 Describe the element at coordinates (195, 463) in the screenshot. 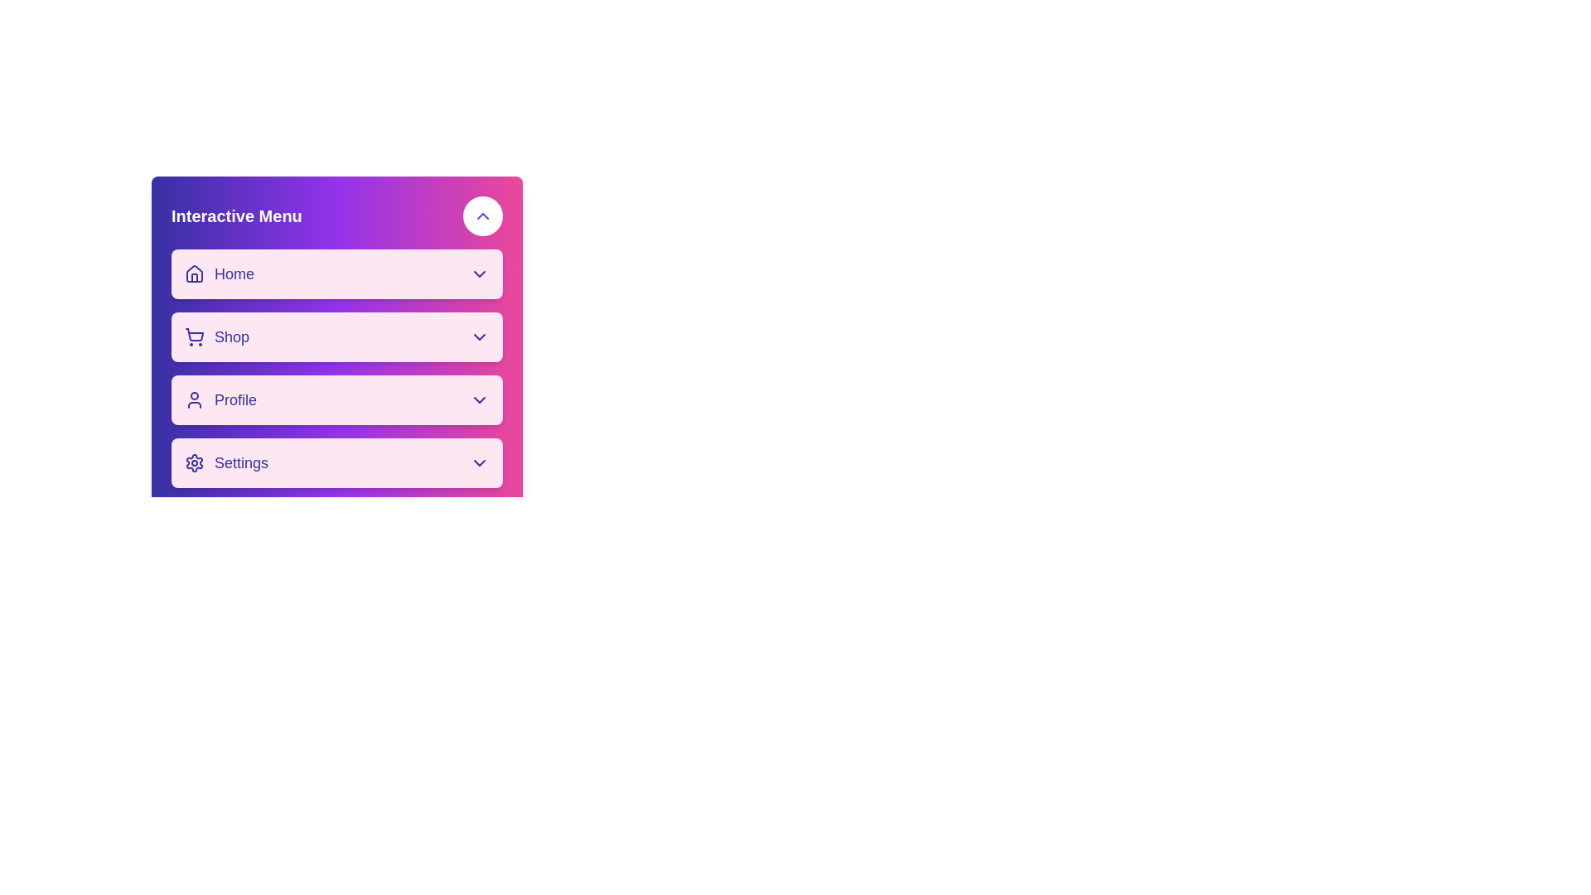

I see `the gear-shaped icon representing settings functionality located at the bottom of the menu` at that location.